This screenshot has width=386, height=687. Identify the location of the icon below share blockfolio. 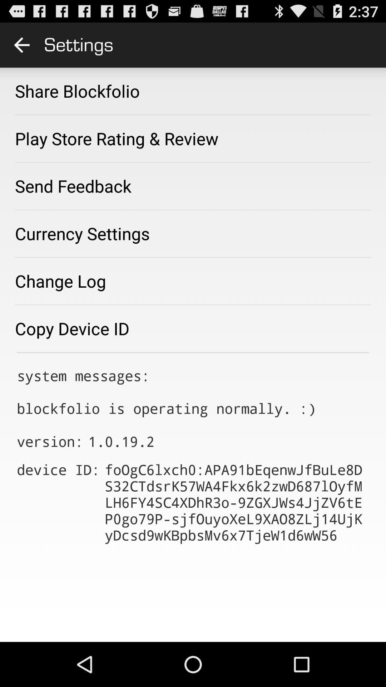
(116, 138).